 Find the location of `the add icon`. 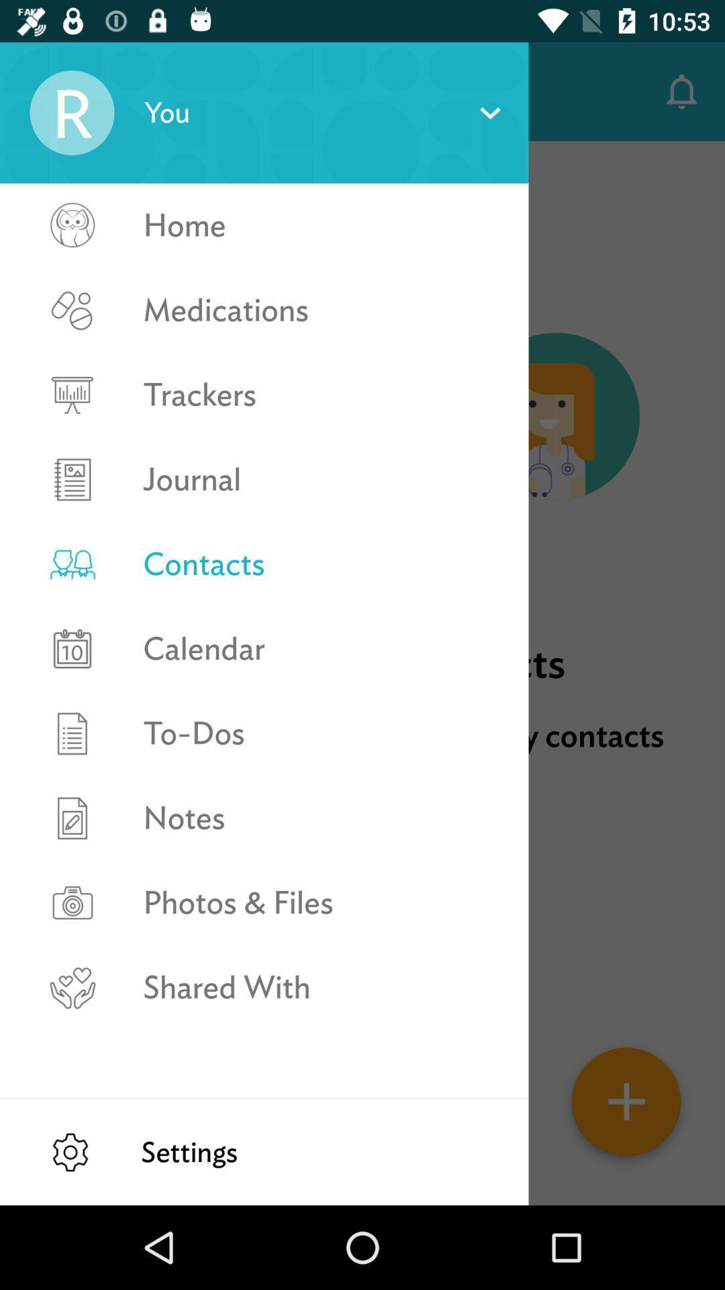

the add icon is located at coordinates (626, 1106).